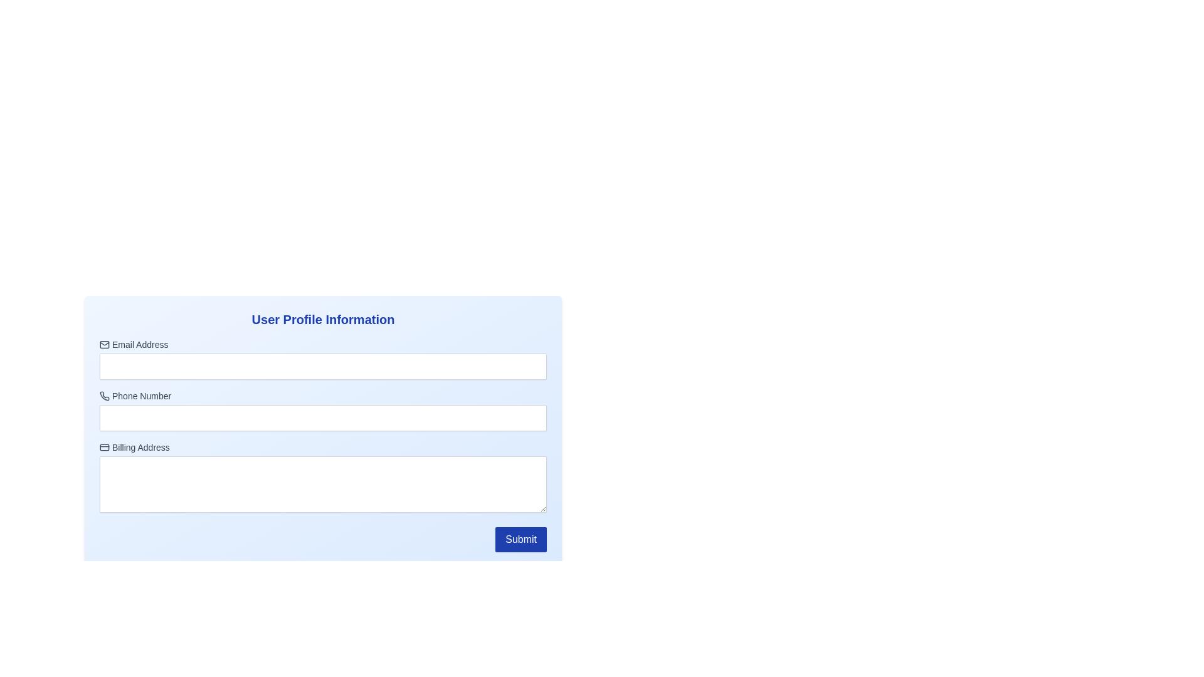 The height and width of the screenshot is (677, 1204). Describe the element at coordinates (105, 396) in the screenshot. I see `the phone handle icon representing contact information, which is located to the left of the 'Phone Number' field in the 'User Profile Information' form` at that location.